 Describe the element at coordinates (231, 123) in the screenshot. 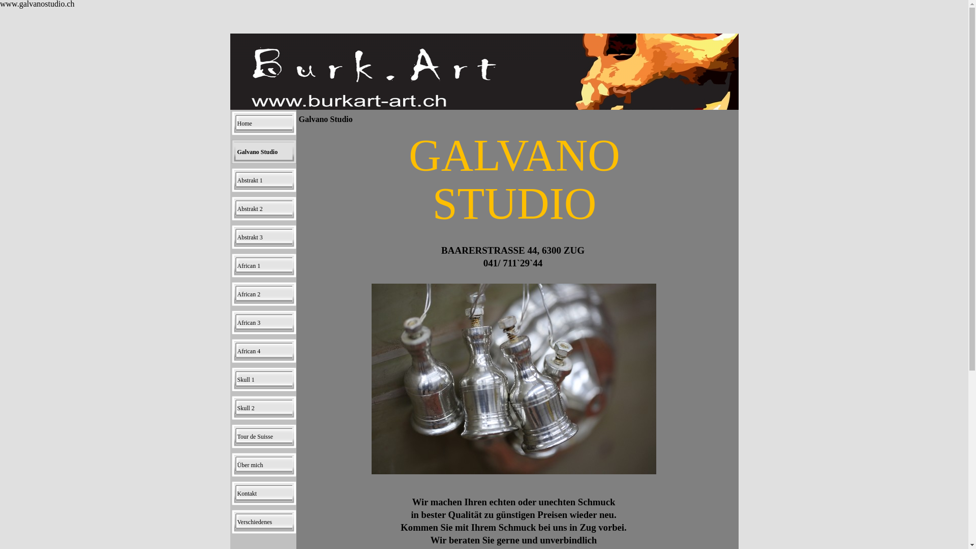

I see `'Home'` at that location.